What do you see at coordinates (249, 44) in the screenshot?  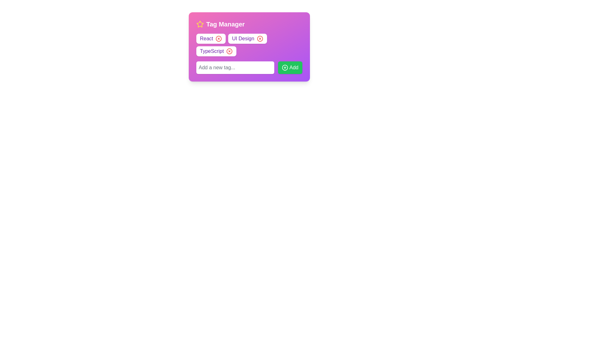 I see `the non-interactive multi-word text label displaying tags, located just below the 'Tag Manager' title and above the horizontal input field with a green button` at bounding box center [249, 44].